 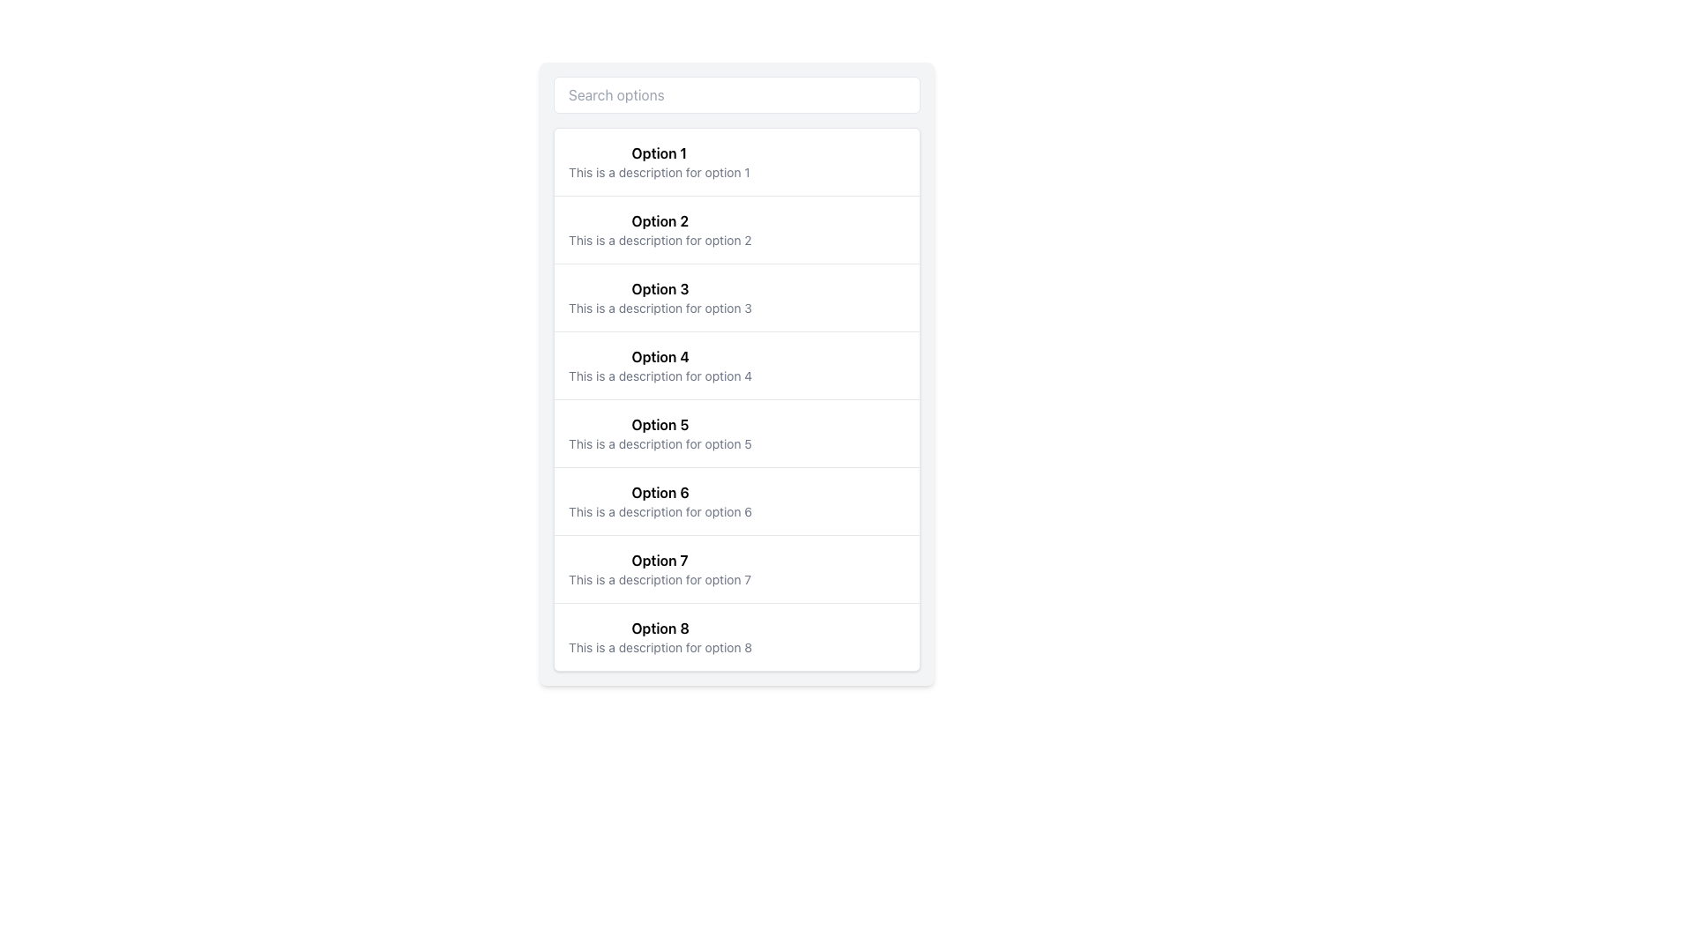 What do you see at coordinates (736, 227) in the screenshot?
I see `the second item in the vertically scrollable list` at bounding box center [736, 227].